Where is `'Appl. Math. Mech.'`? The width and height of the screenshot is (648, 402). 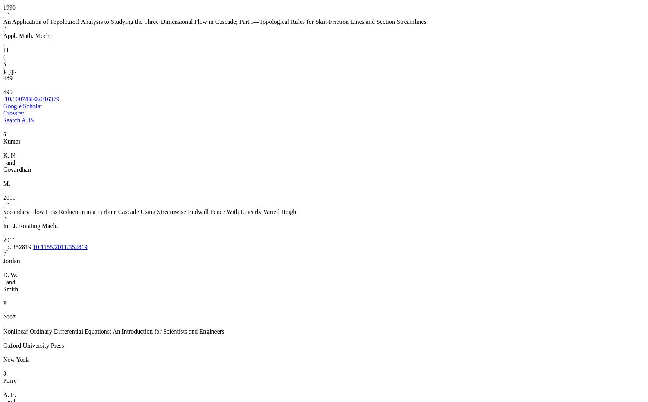
'Appl. Math. Mech.' is located at coordinates (2, 35).